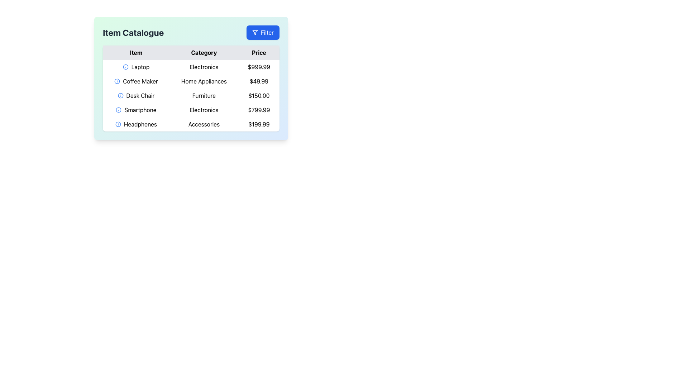  I want to click on text 'Price' from the Column Header, which indicates the prices of items in the data table and is the third header in the row, so click(258, 52).